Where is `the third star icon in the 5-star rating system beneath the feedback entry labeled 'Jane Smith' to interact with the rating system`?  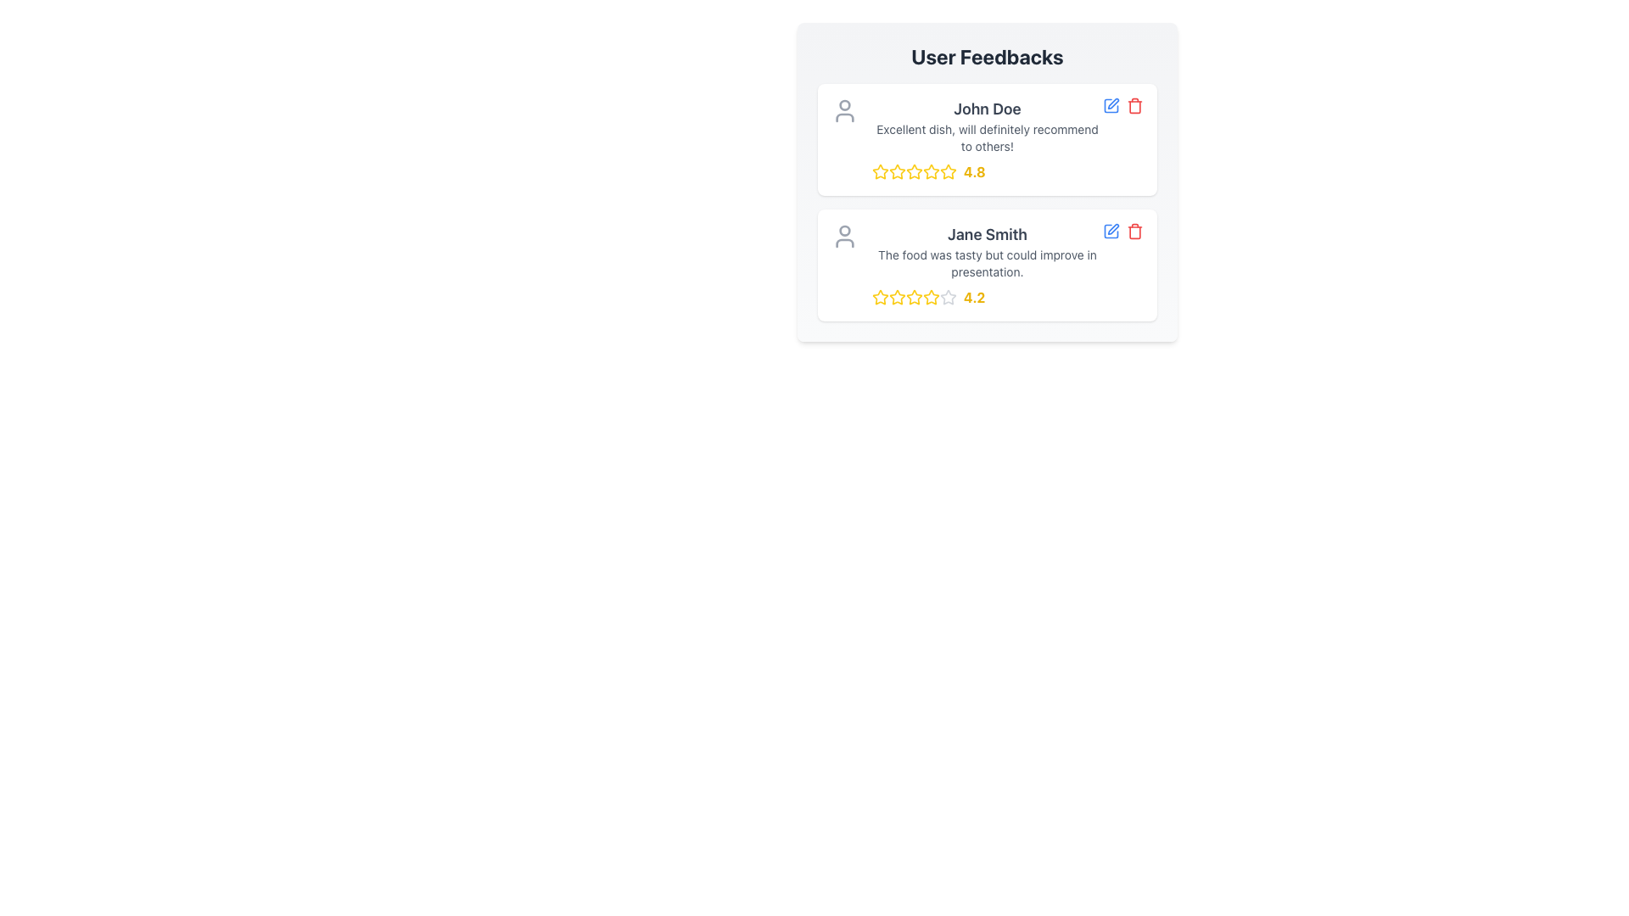
the third star icon in the 5-star rating system beneath the feedback entry labeled 'Jane Smith' to interact with the rating system is located at coordinates (896, 297).